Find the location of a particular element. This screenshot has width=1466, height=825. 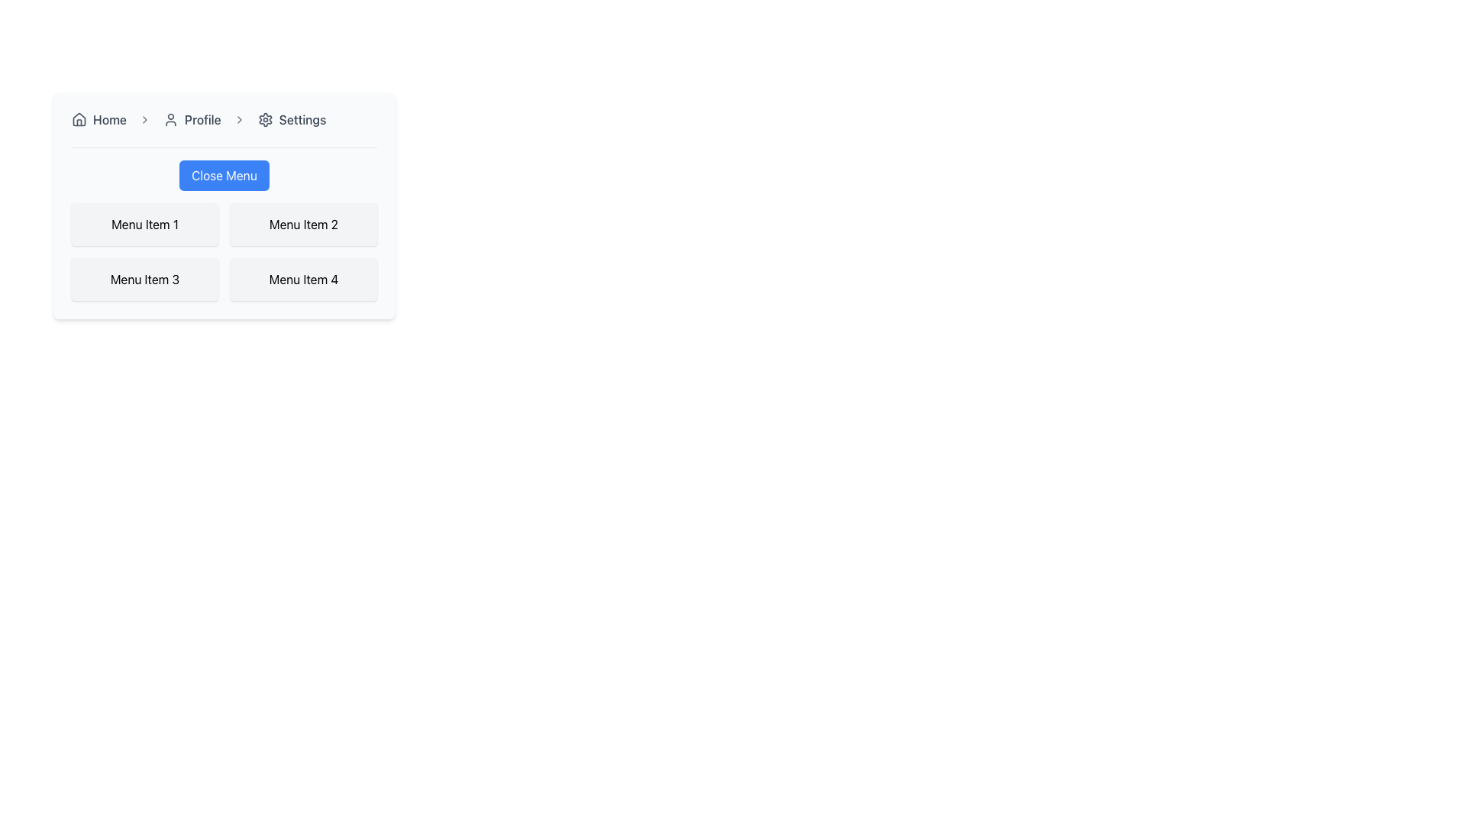

the 'Menu Item 3' button located in the left column of the second row is located at coordinates (145, 280).